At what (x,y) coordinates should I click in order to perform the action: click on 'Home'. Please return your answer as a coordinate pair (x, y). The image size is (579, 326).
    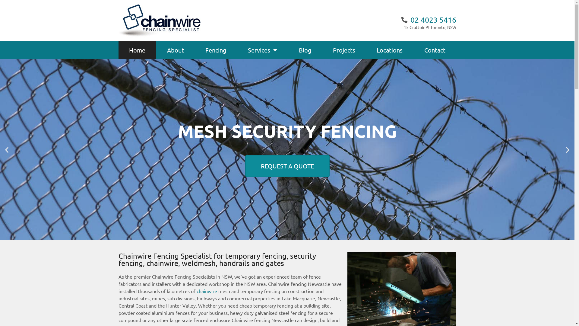
    Looking at the image, I should click on (137, 50).